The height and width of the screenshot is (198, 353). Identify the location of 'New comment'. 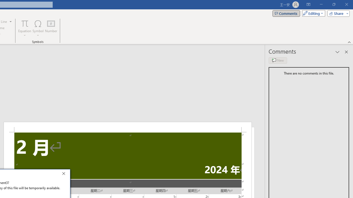
(278, 60).